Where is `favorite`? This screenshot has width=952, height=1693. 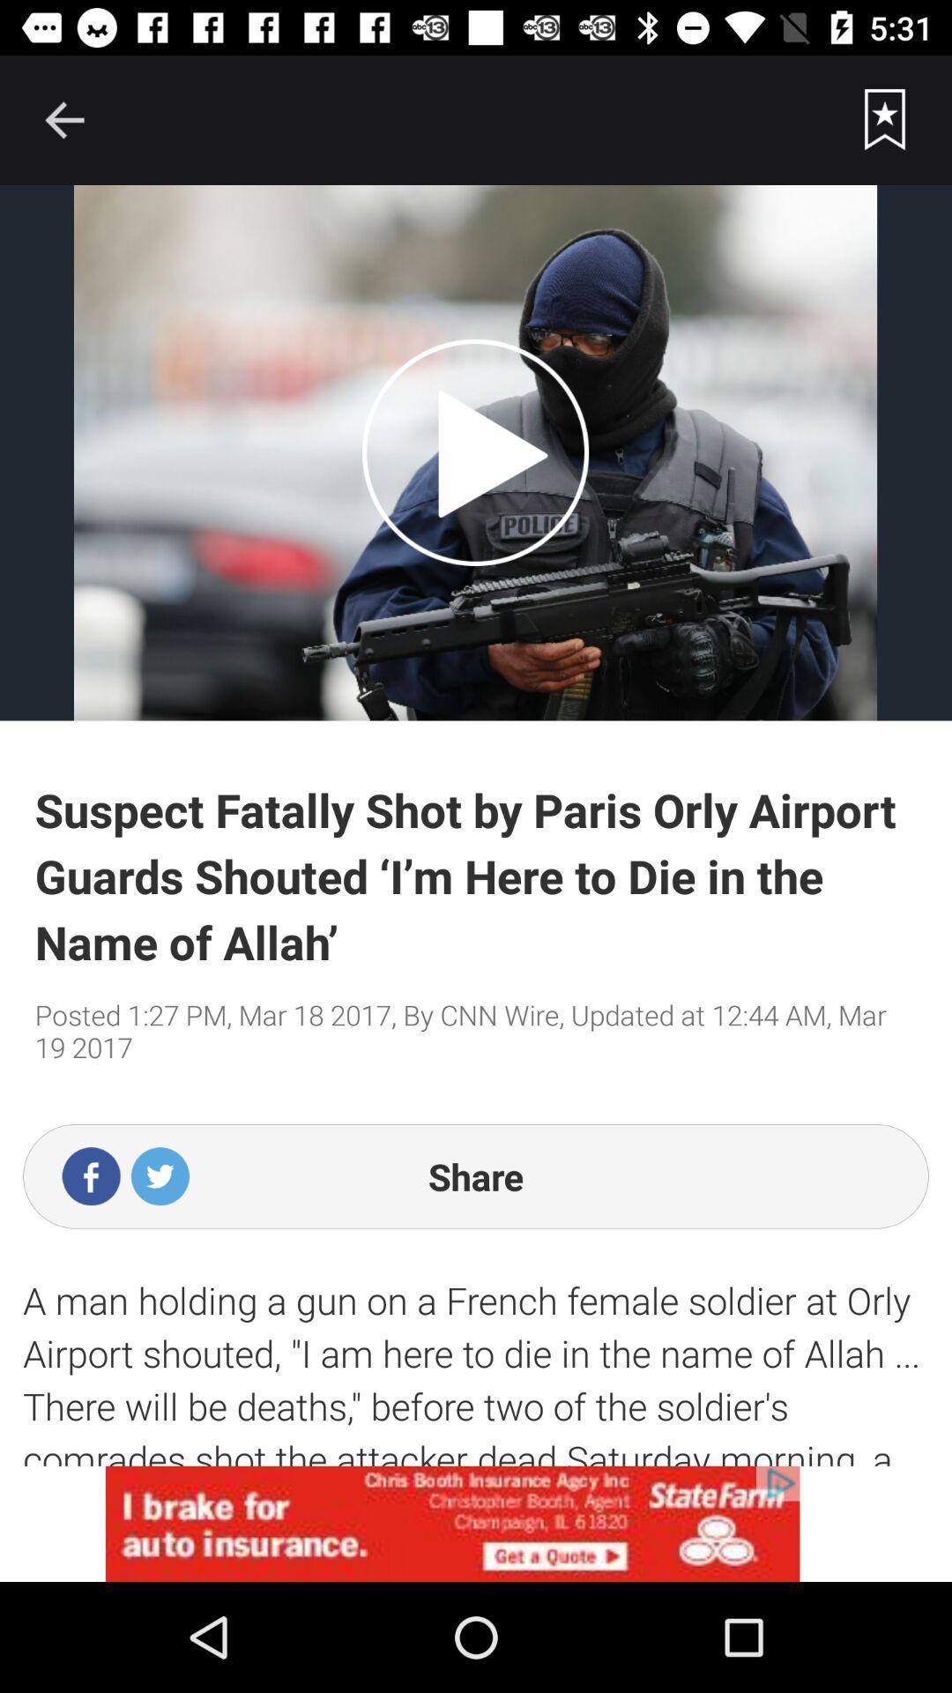
favorite is located at coordinates (885, 119).